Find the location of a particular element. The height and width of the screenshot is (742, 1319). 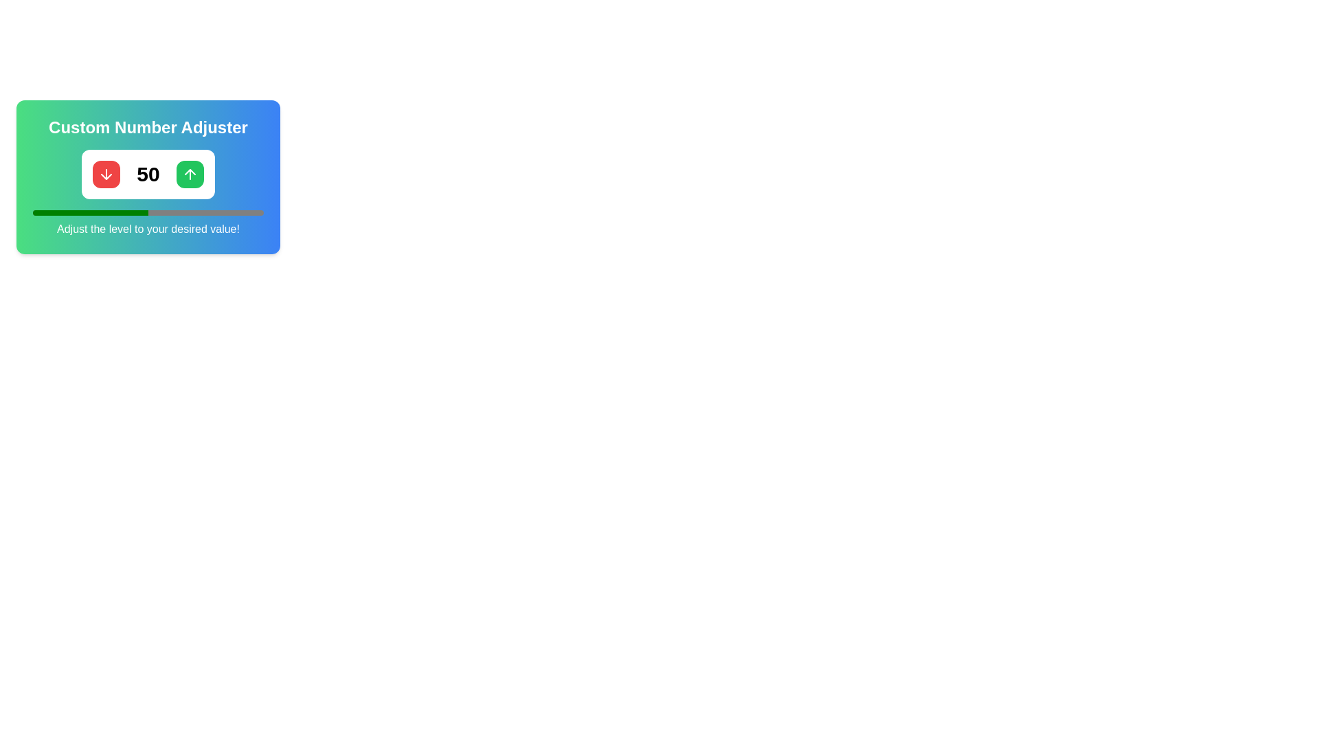

the circular red button with a white down-arrow icon to decrement the value next to the numerical display '50' is located at coordinates (106, 174).